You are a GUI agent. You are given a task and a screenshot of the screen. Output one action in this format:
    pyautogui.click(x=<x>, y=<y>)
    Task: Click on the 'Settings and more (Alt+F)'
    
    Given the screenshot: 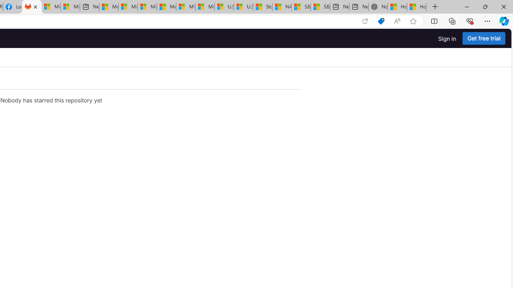 What is the action you would take?
    pyautogui.click(x=487, y=20)
    